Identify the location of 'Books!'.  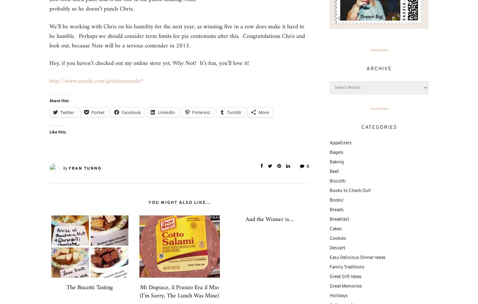
(337, 200).